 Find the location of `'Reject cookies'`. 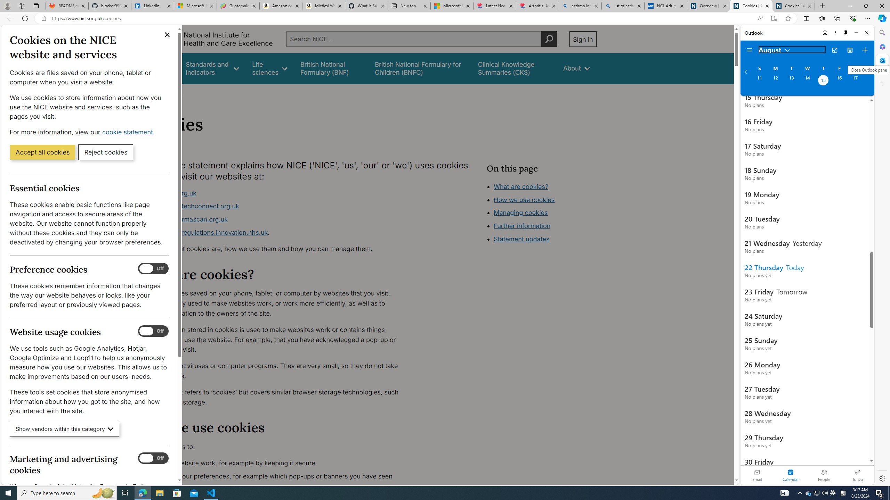

'Reject cookies' is located at coordinates (105, 151).